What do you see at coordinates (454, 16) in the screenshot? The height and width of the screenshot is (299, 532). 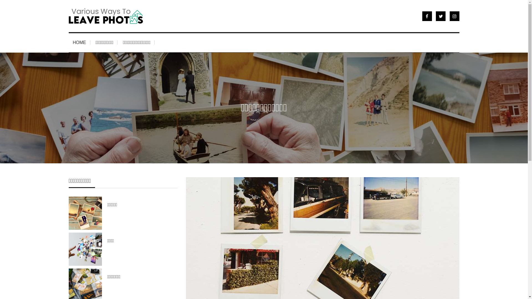 I see `'Instragram'` at bounding box center [454, 16].